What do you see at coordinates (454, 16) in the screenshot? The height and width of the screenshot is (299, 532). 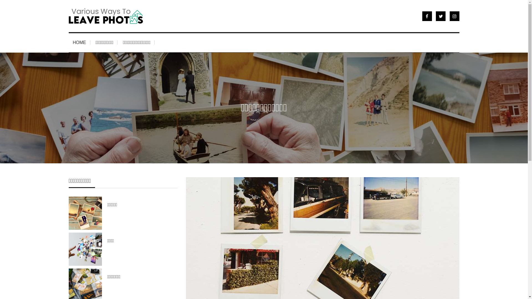 I see `'Instragram'` at bounding box center [454, 16].